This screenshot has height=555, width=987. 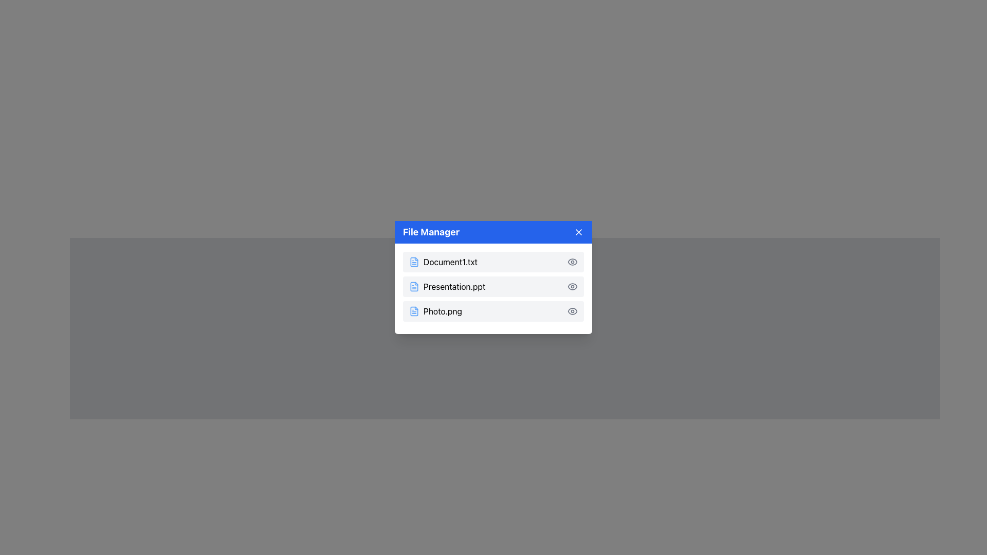 I want to click on the third row file entry, so click(x=493, y=310).